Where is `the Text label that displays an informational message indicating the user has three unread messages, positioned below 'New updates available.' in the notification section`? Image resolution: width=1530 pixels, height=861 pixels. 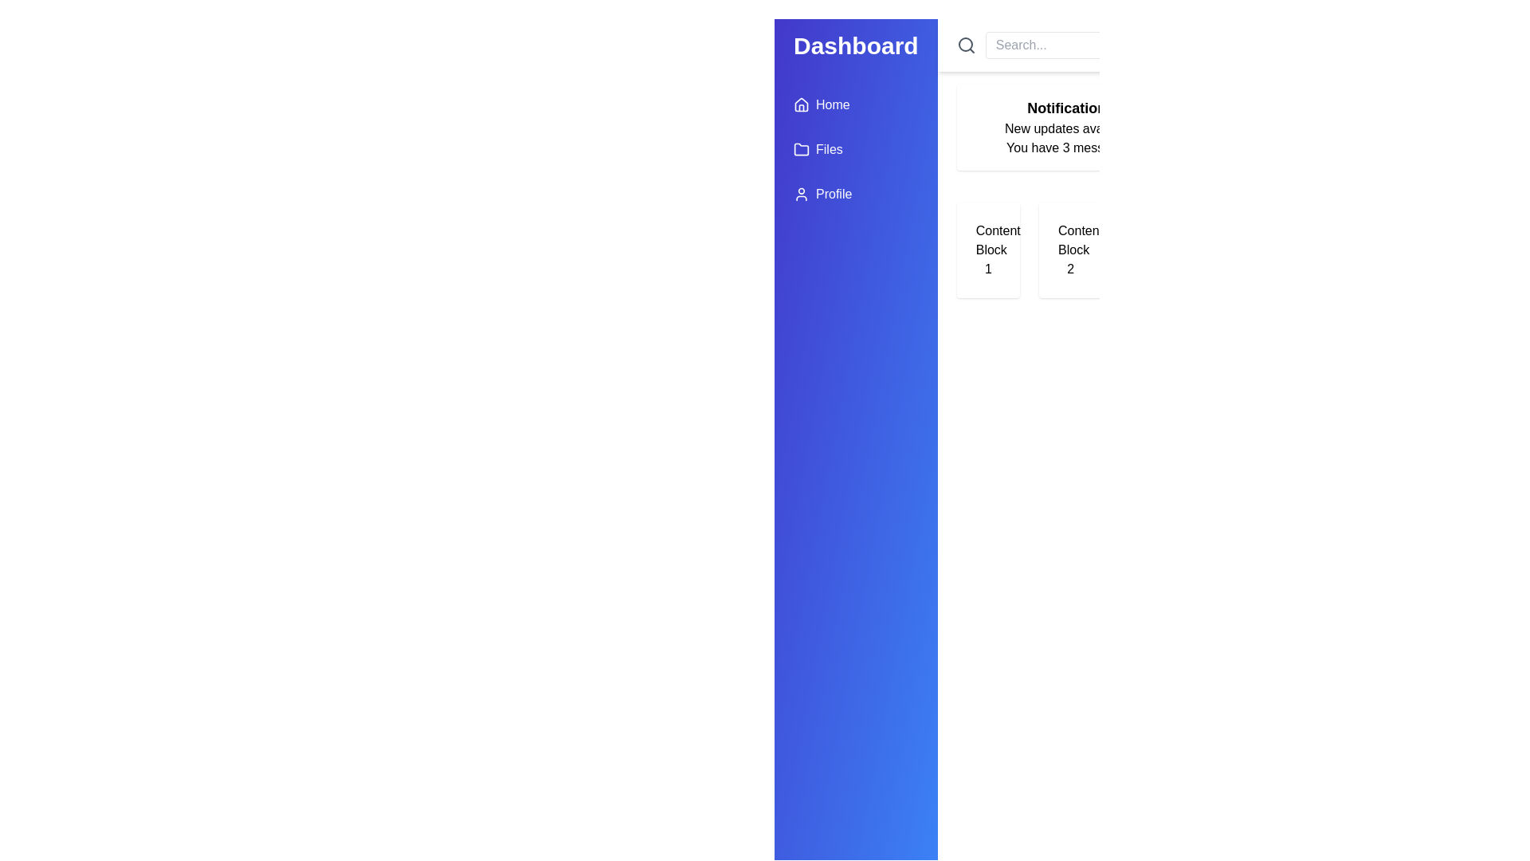 the Text label that displays an informational message indicating the user has three unread messages, positioned below 'New updates available.' in the notification section is located at coordinates (1070, 147).